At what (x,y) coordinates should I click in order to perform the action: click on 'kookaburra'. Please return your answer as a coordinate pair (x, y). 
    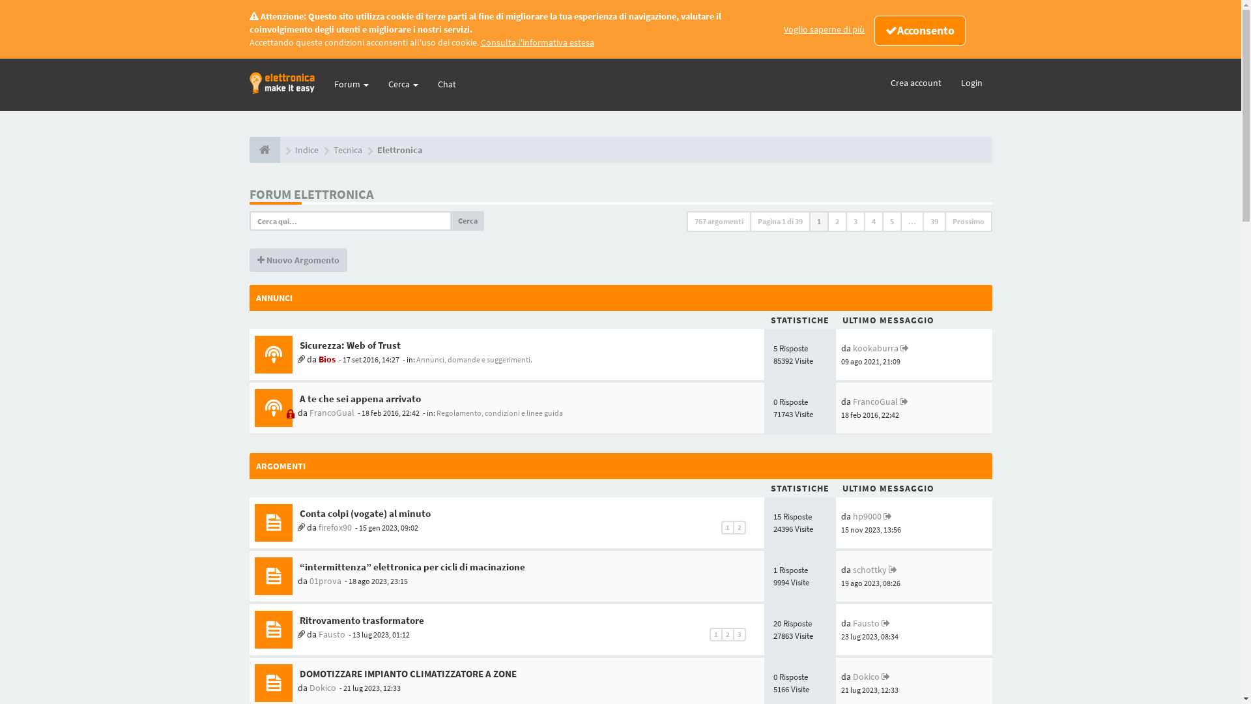
    Looking at the image, I should click on (876, 347).